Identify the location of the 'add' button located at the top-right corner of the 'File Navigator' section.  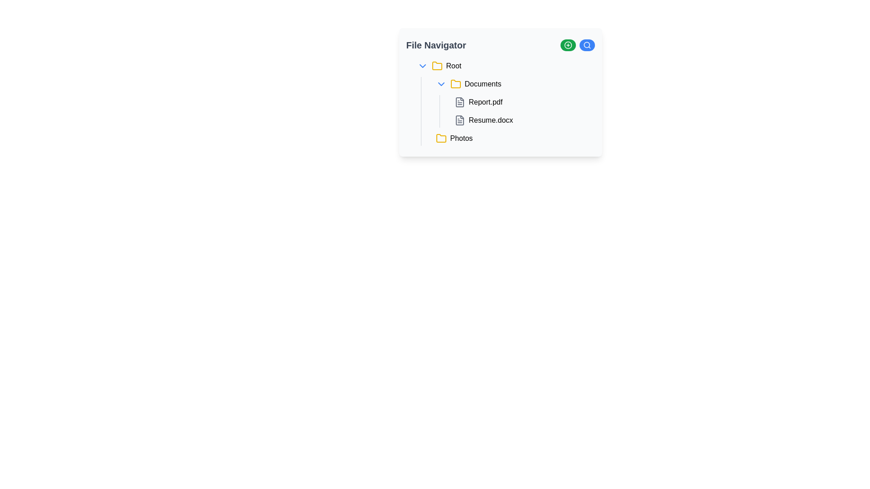
(567, 45).